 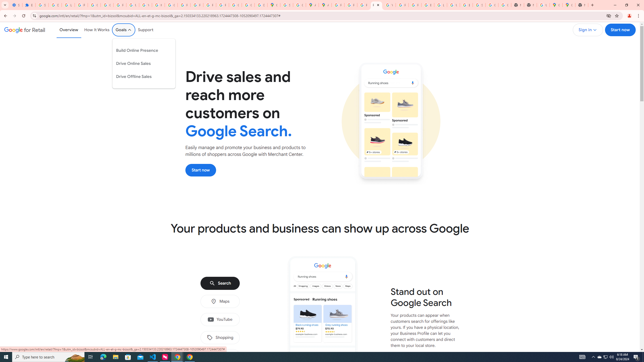 I want to click on 'Build Online Presence', so click(x=140, y=50).